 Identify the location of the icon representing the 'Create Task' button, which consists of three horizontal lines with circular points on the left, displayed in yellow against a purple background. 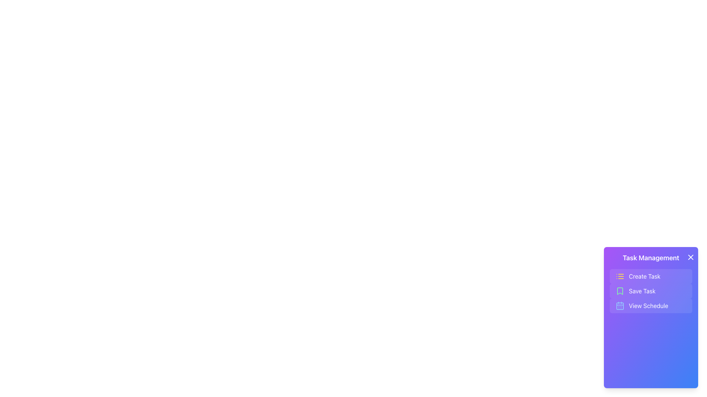
(620, 276).